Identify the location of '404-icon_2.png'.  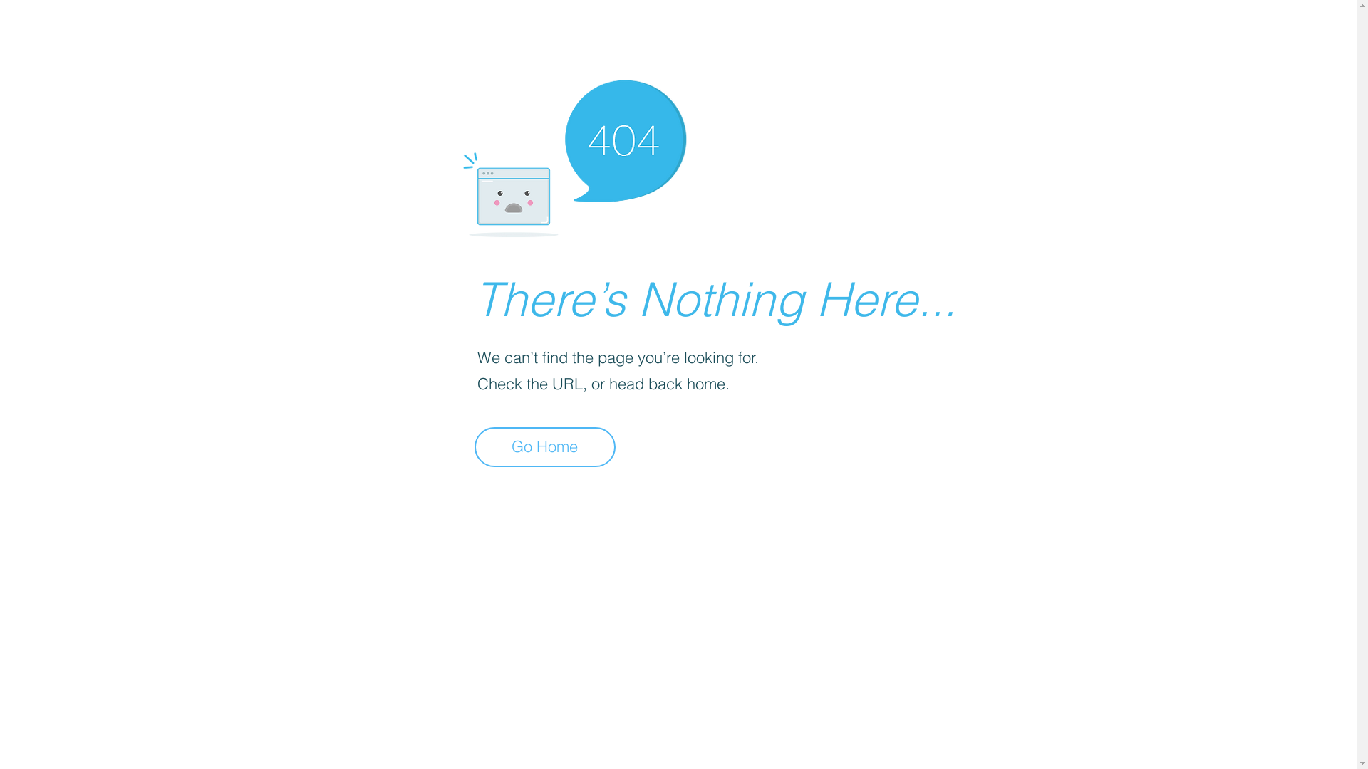
(574, 155).